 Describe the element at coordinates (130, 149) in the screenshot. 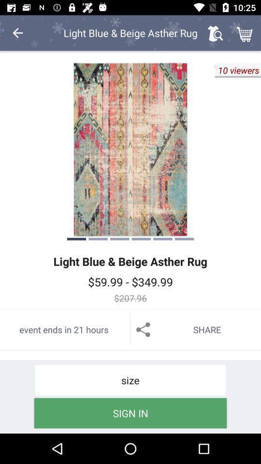

I see `the item to the left of 10 viewers icon` at that location.